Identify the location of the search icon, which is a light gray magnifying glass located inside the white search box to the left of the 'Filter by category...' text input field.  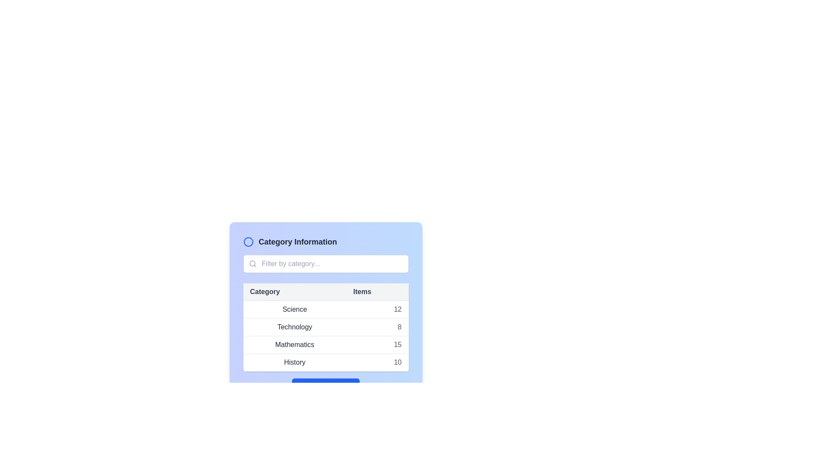
(252, 263).